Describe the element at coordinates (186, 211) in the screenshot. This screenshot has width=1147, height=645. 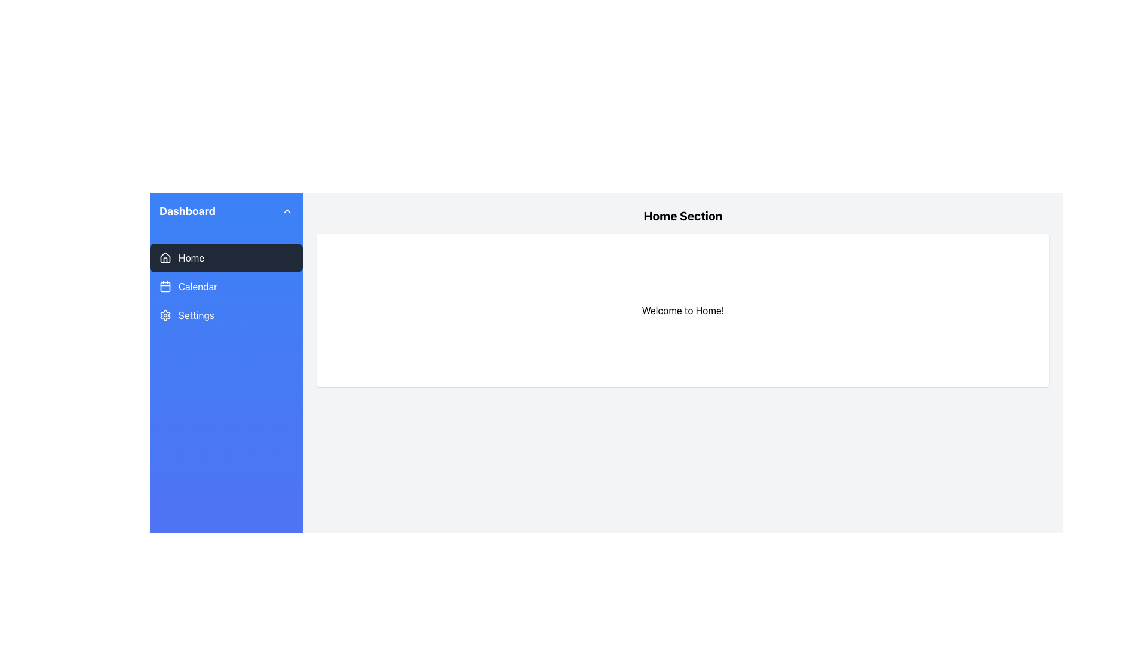
I see `the section header text located in the top-left region of the blue-colored sidebar, which indicates the active module or page category for the application` at that location.